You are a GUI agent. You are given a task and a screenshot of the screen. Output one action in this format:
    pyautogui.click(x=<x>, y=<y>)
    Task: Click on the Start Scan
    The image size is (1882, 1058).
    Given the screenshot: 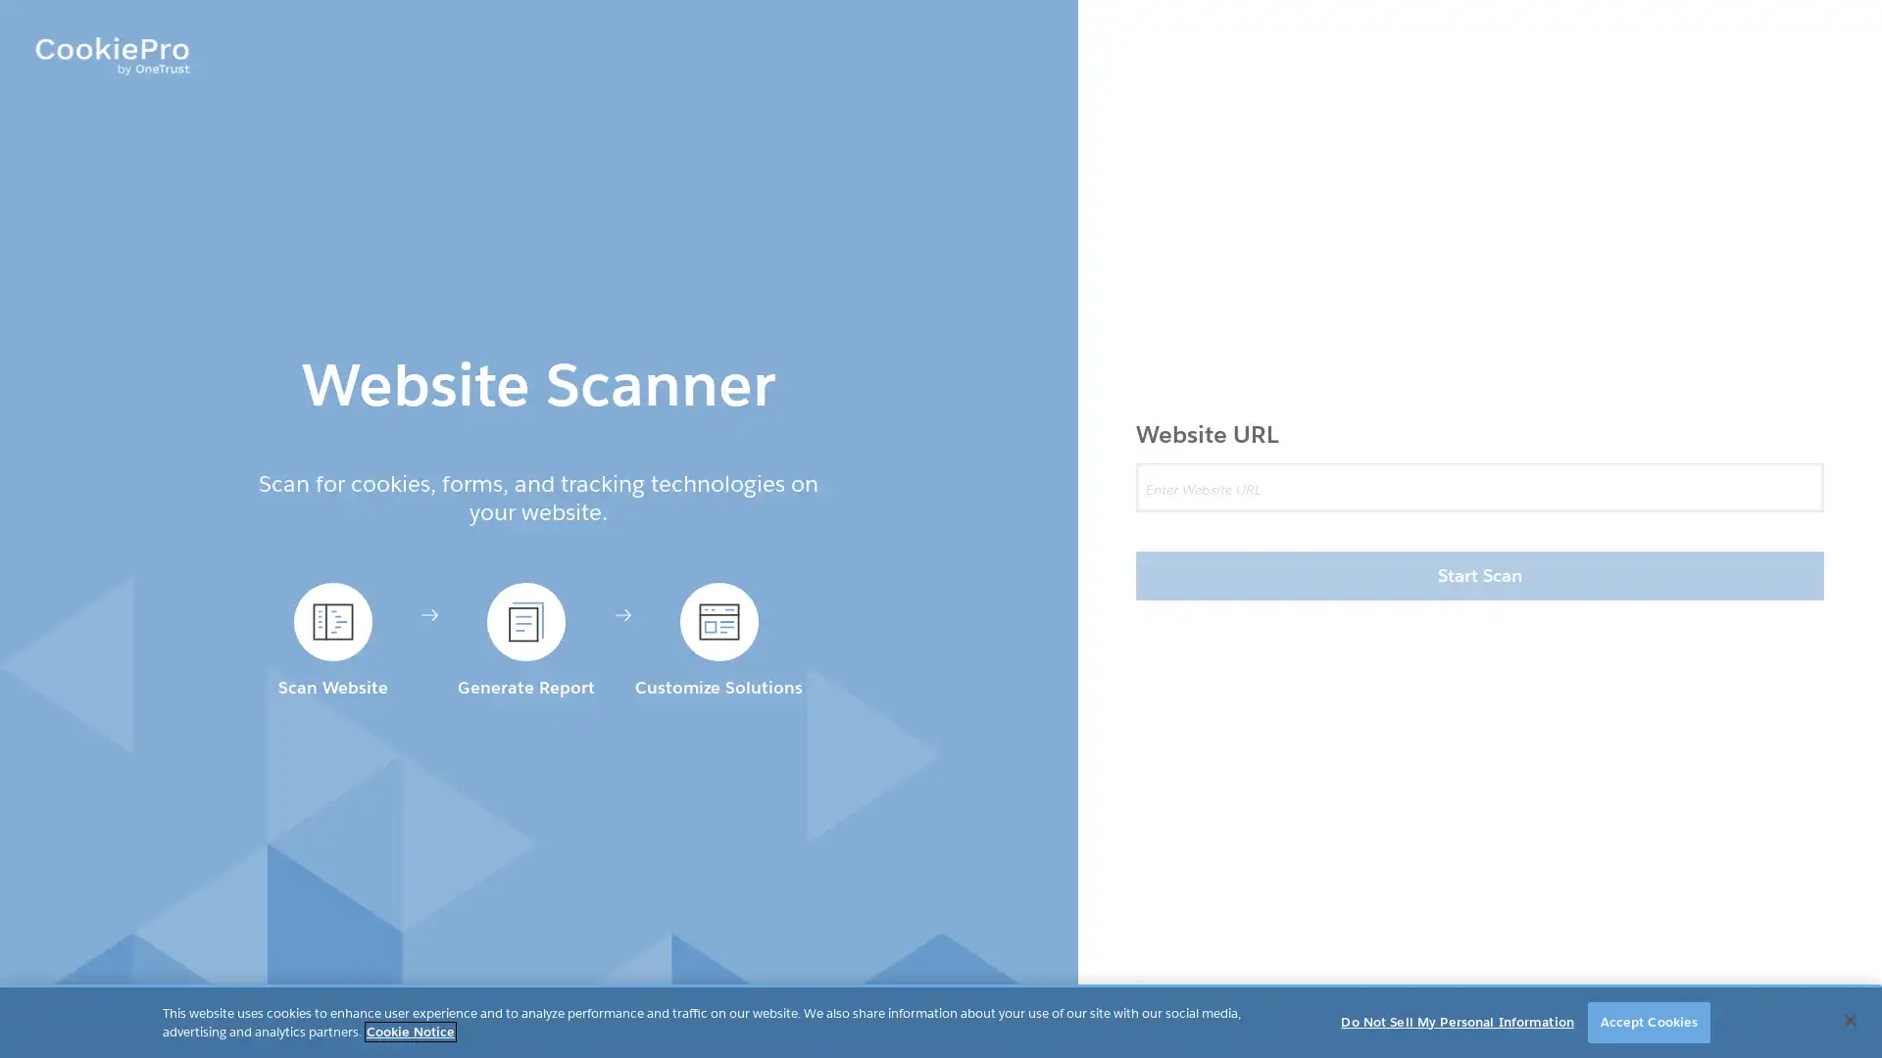 What is the action you would take?
    pyautogui.click(x=1478, y=574)
    